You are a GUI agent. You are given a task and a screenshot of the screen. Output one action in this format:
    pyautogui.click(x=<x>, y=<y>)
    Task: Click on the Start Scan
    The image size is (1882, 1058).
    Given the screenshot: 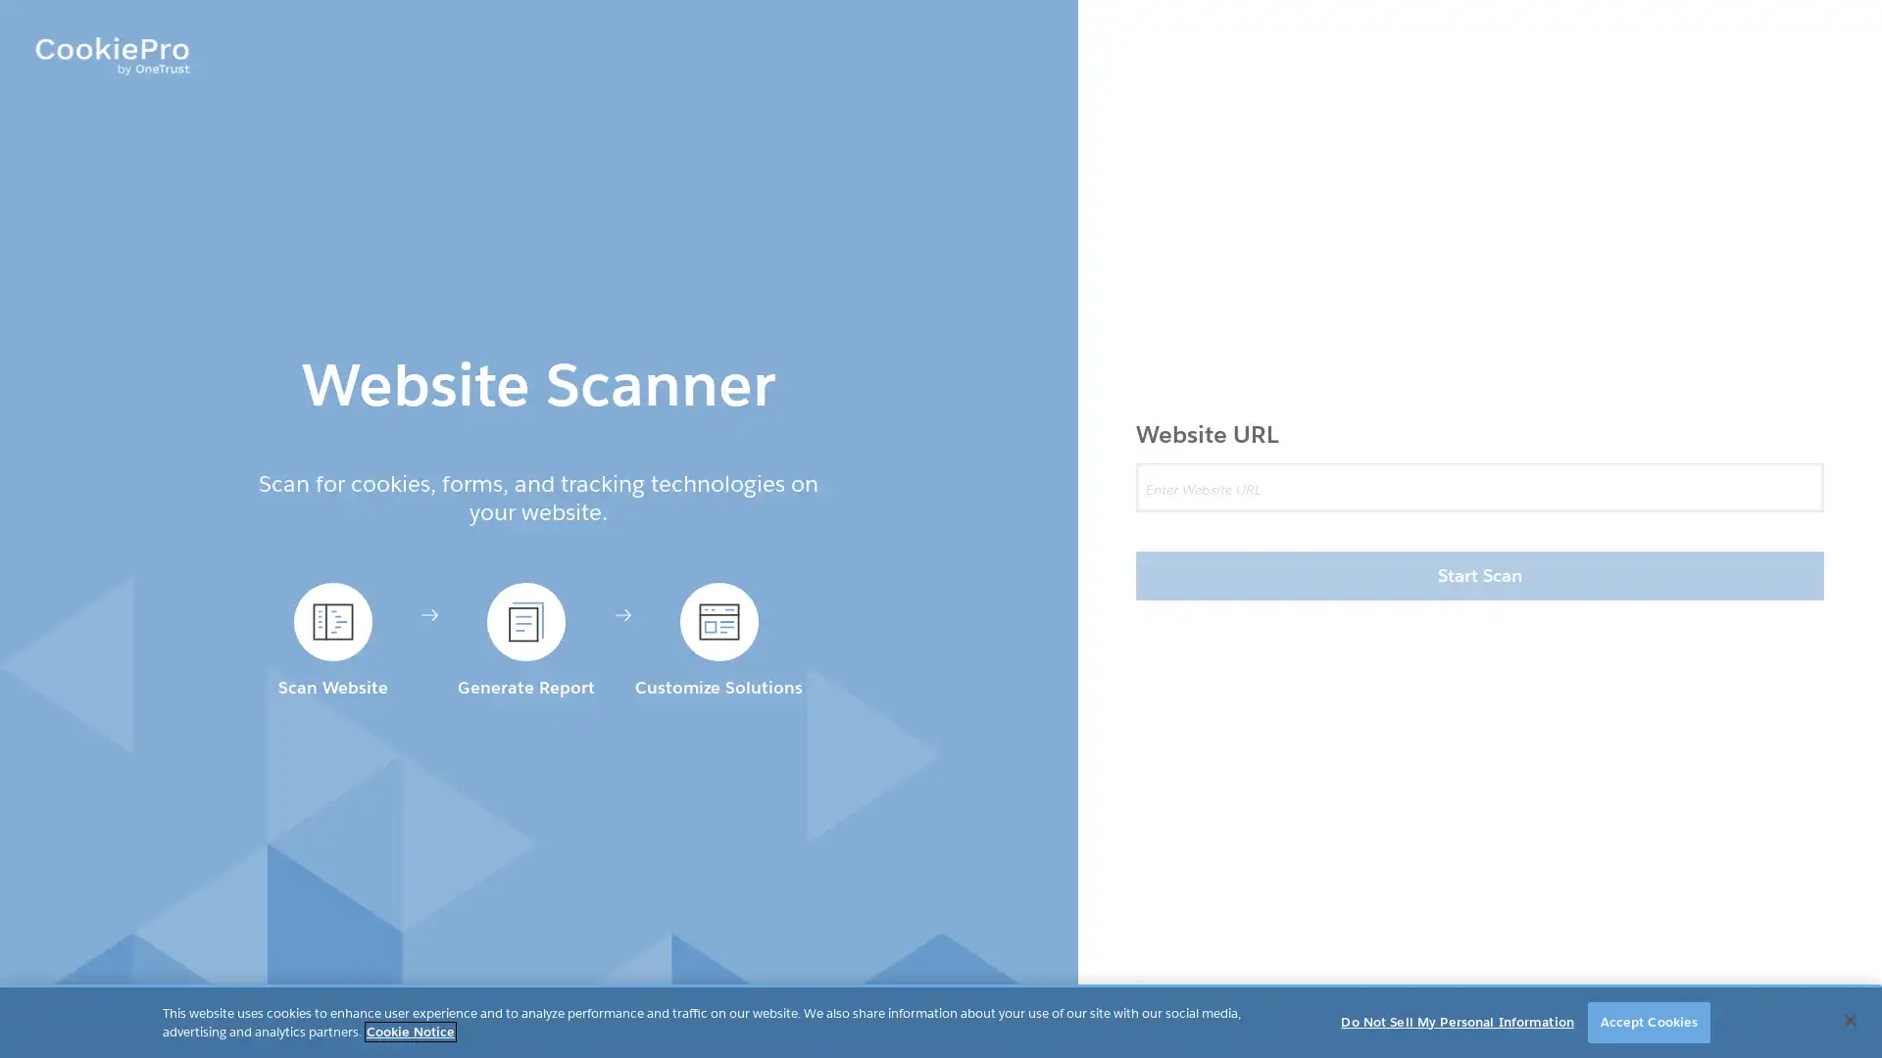 What is the action you would take?
    pyautogui.click(x=1478, y=574)
    